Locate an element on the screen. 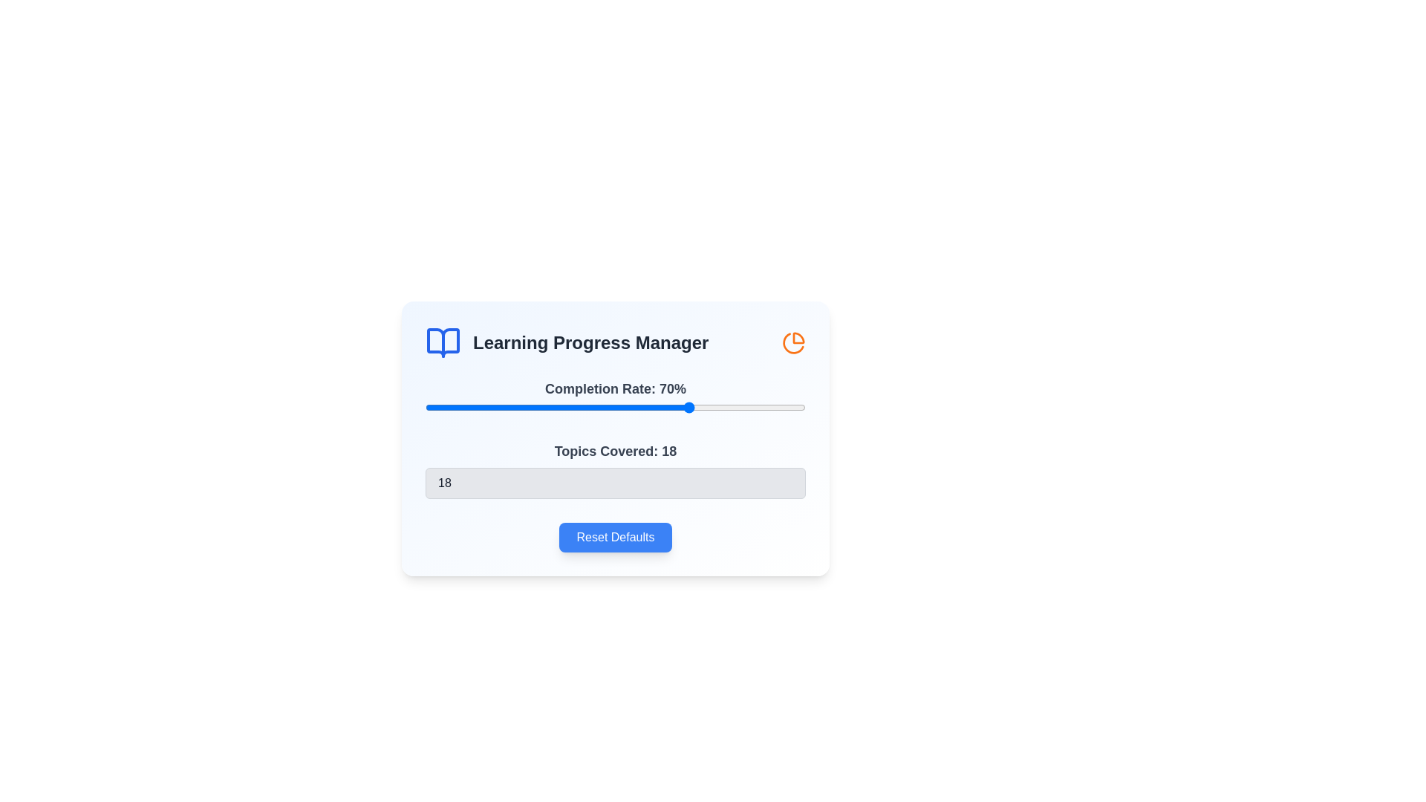 This screenshot has height=802, width=1426. the number of topics covered to 35 by entering the value in the input box is located at coordinates (616, 483).